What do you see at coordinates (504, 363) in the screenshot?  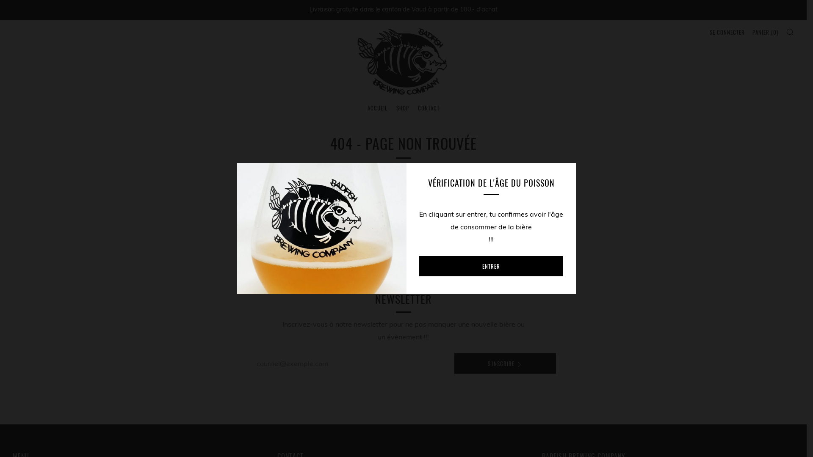 I see `'S'INSCRIRE'` at bounding box center [504, 363].